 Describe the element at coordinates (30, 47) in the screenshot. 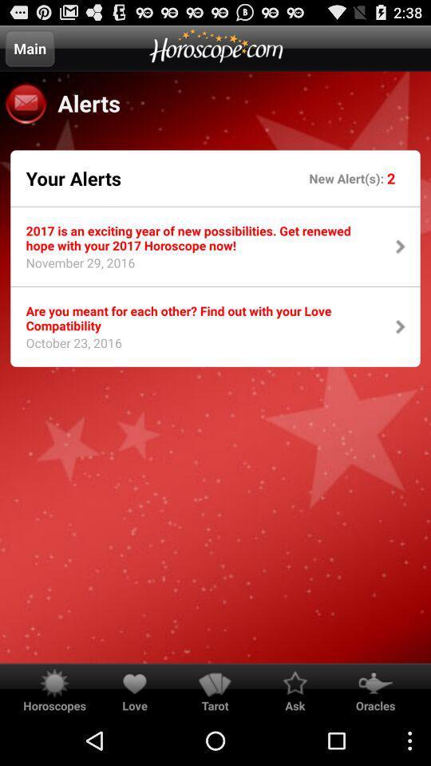

I see `main` at that location.